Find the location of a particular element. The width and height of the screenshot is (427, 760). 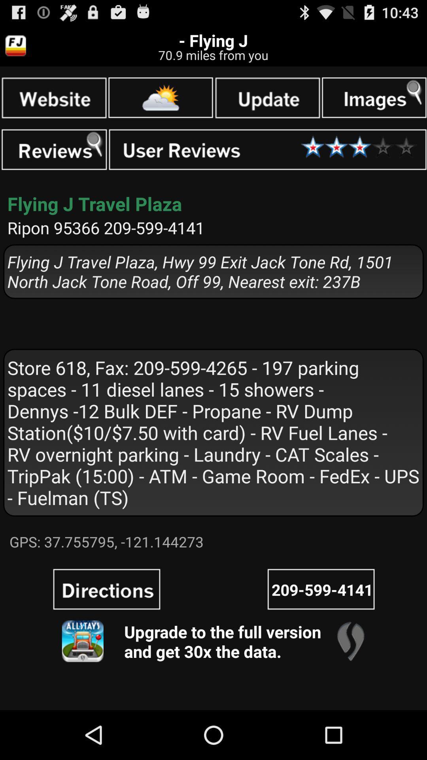

website is located at coordinates (53, 97).